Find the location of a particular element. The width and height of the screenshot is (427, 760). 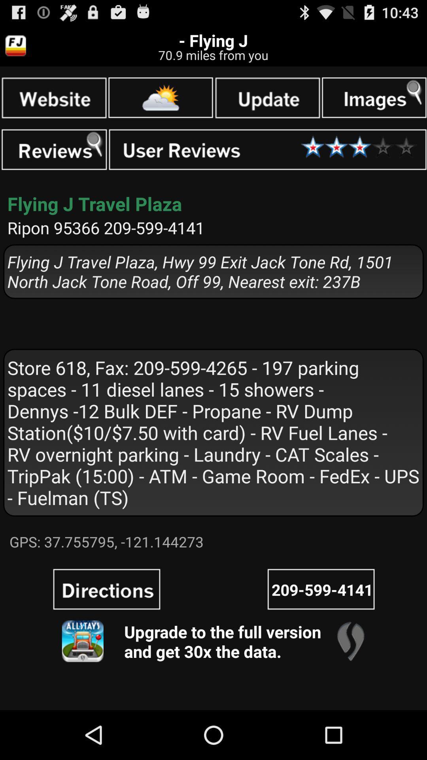

website is located at coordinates (53, 97).